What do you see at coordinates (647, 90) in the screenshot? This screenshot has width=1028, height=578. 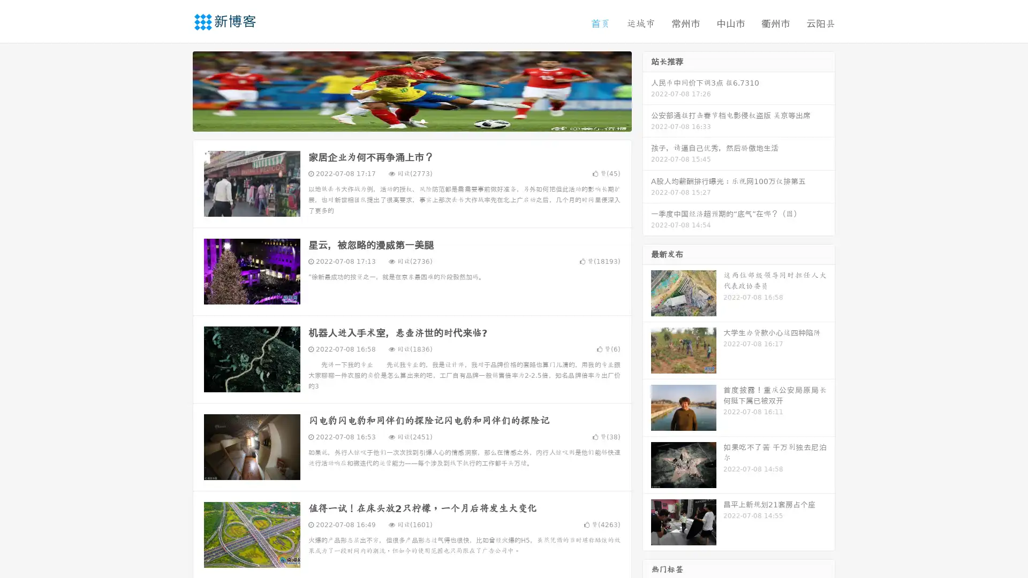 I see `Next slide` at bounding box center [647, 90].